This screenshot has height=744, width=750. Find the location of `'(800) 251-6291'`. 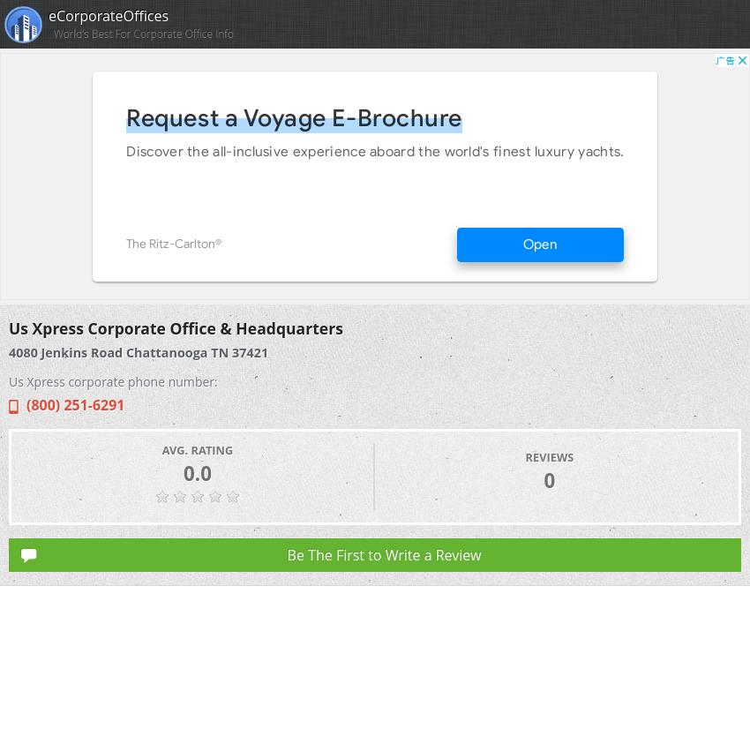

'(800) 251-6291' is located at coordinates (26, 405).